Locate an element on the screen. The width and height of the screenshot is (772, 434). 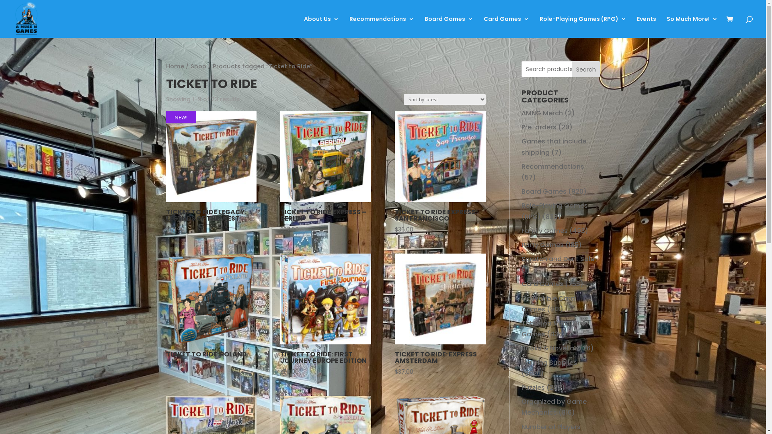
'Role-Playing Games (RPG)' is located at coordinates (554, 210).